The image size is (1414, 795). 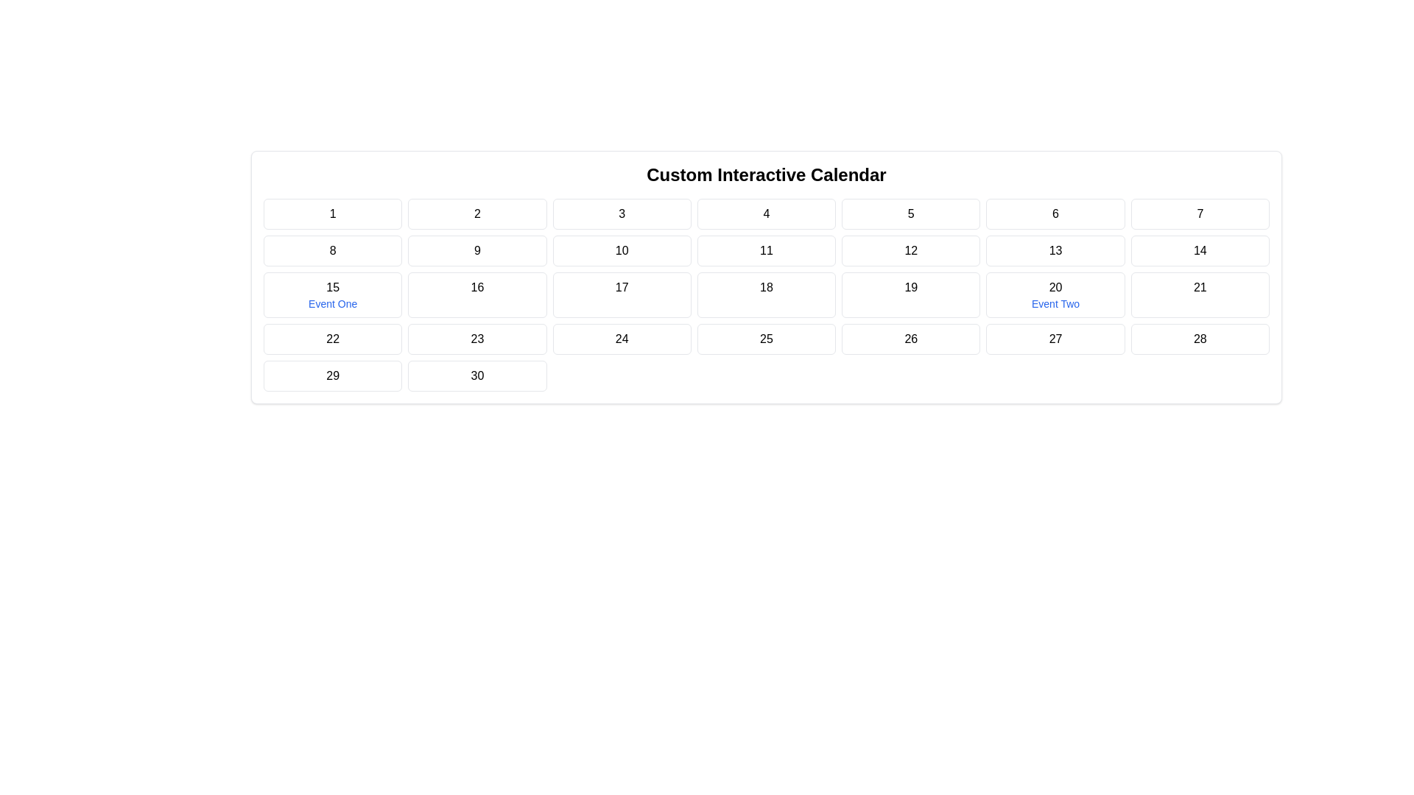 I want to click on the static display element representing the 13th item in a 7-column grid layout, located in the second row, sixth column, so click(x=1055, y=250).